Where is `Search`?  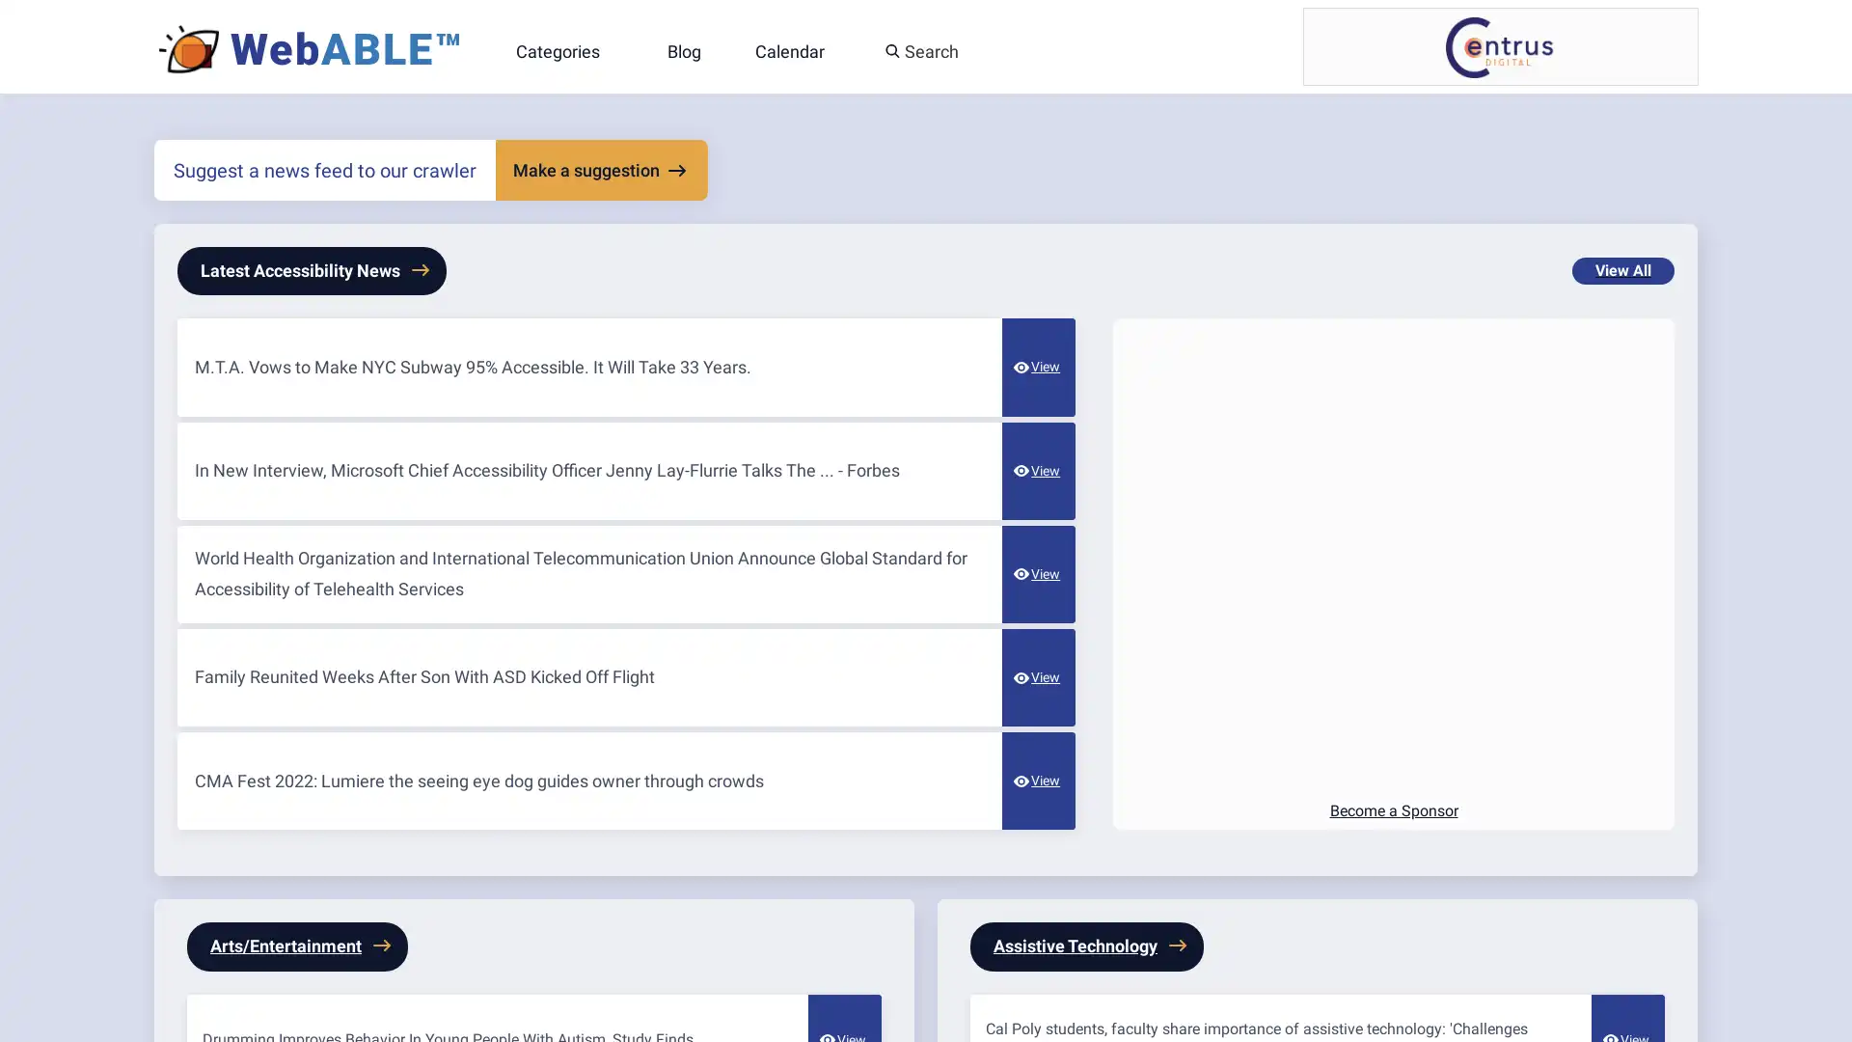 Search is located at coordinates (923, 50).